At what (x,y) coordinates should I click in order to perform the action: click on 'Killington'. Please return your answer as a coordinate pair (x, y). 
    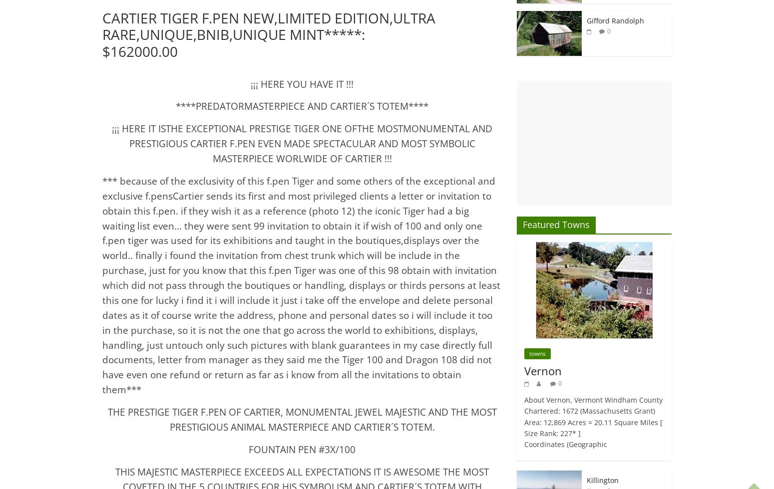
    Looking at the image, I should click on (602, 480).